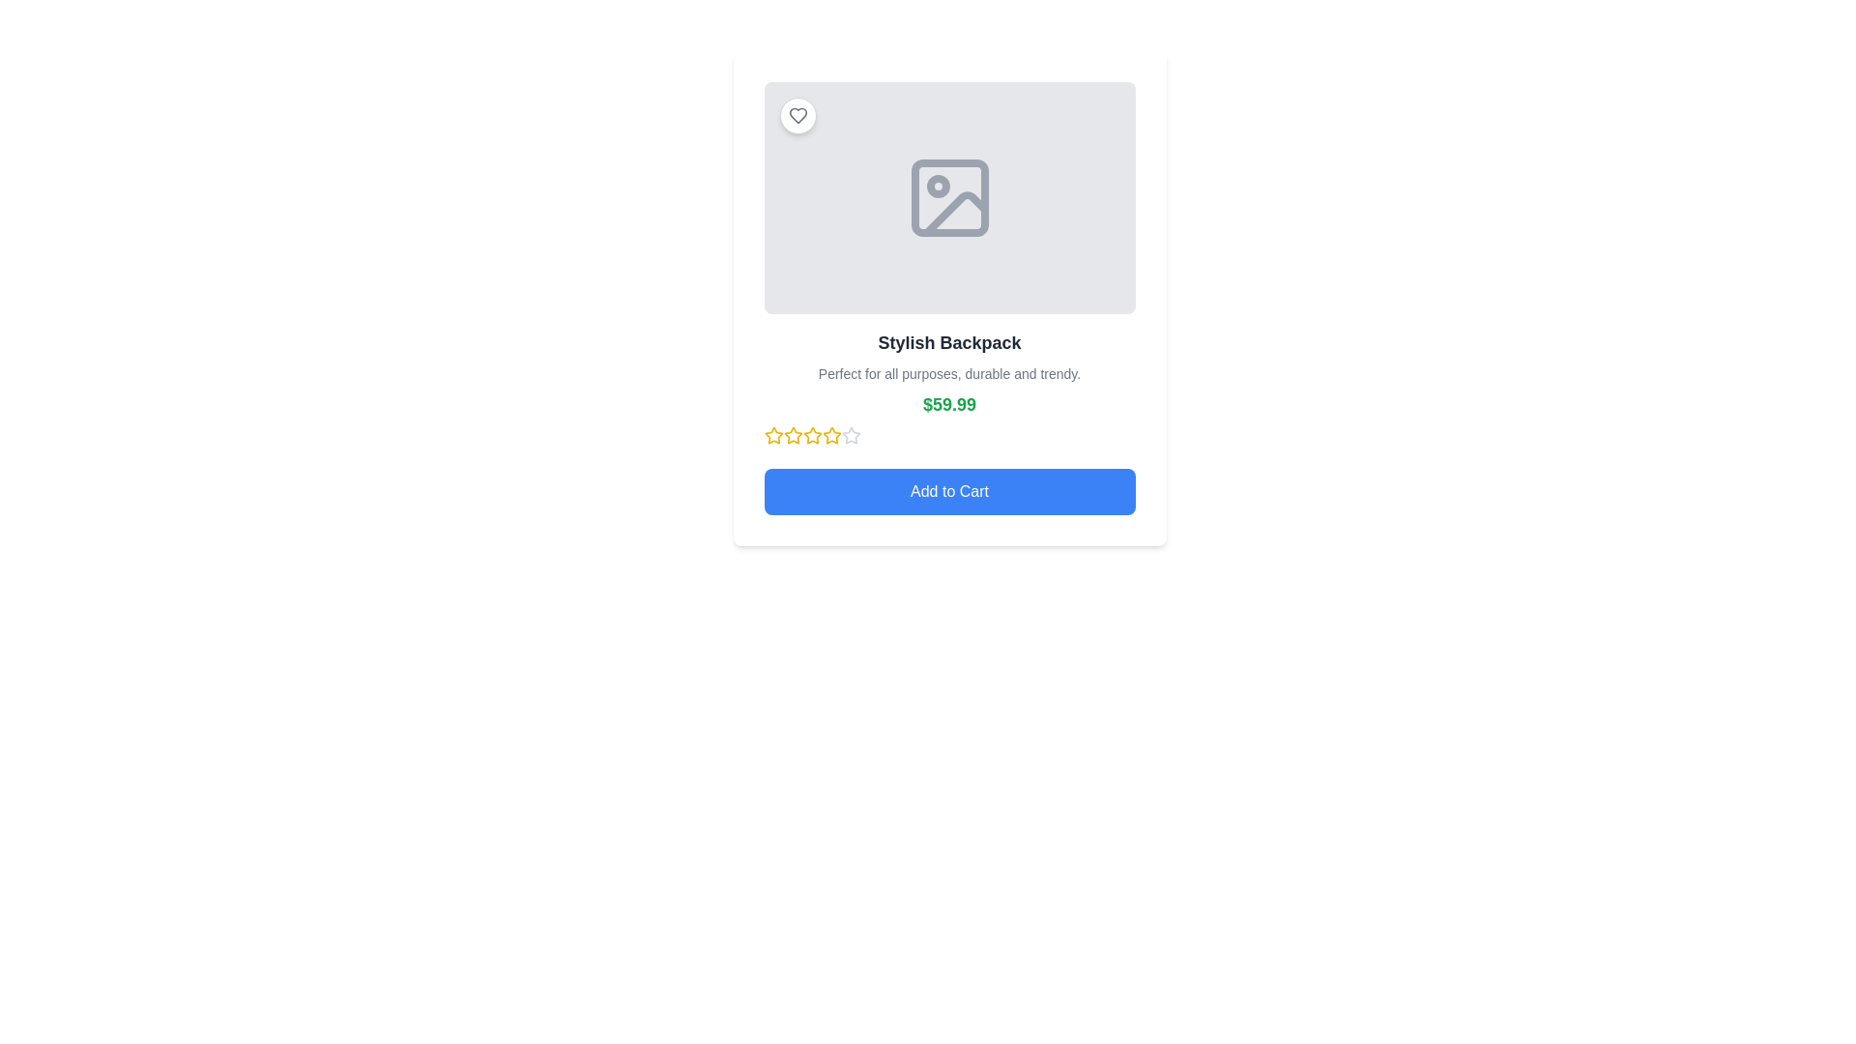 The width and height of the screenshot is (1856, 1044). Describe the element at coordinates (850, 435) in the screenshot. I see `the second star icon in the rating sequence to set a two-star rating` at that location.